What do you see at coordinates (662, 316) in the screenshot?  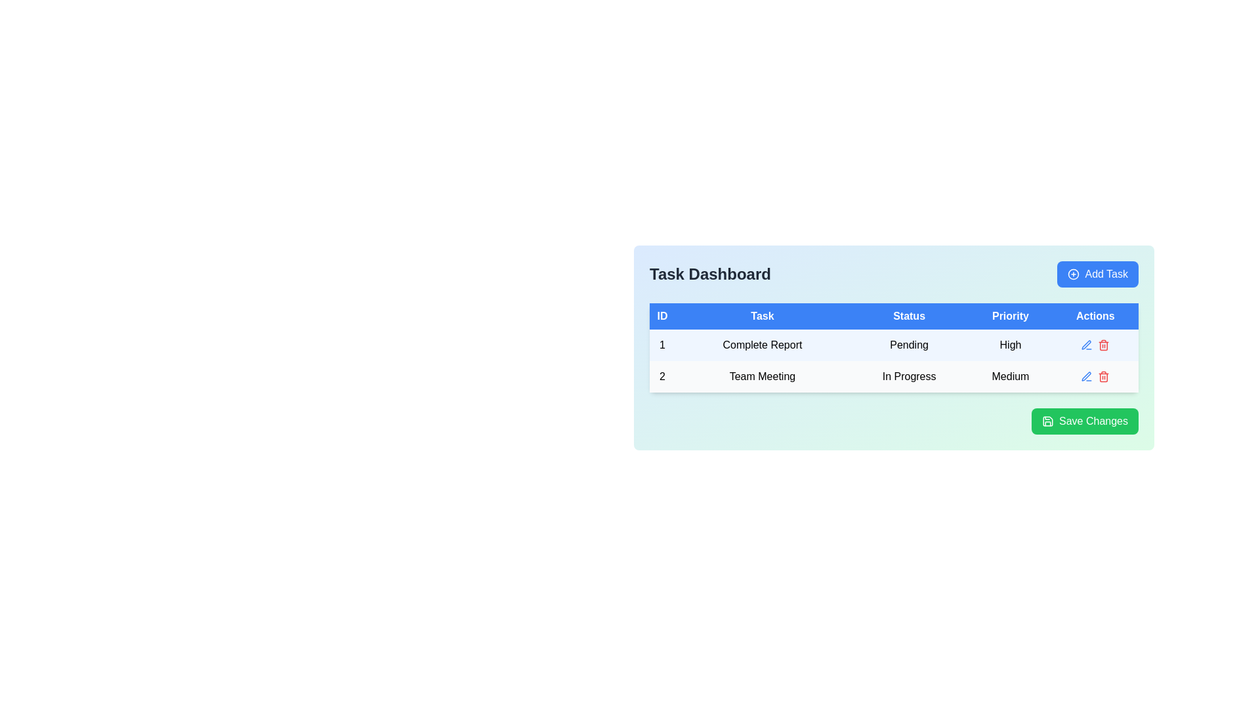 I see `the text label displaying 'ID' in the header row of the table, which is styled with a bold white font on a blue background and located on the far left of the row` at bounding box center [662, 316].